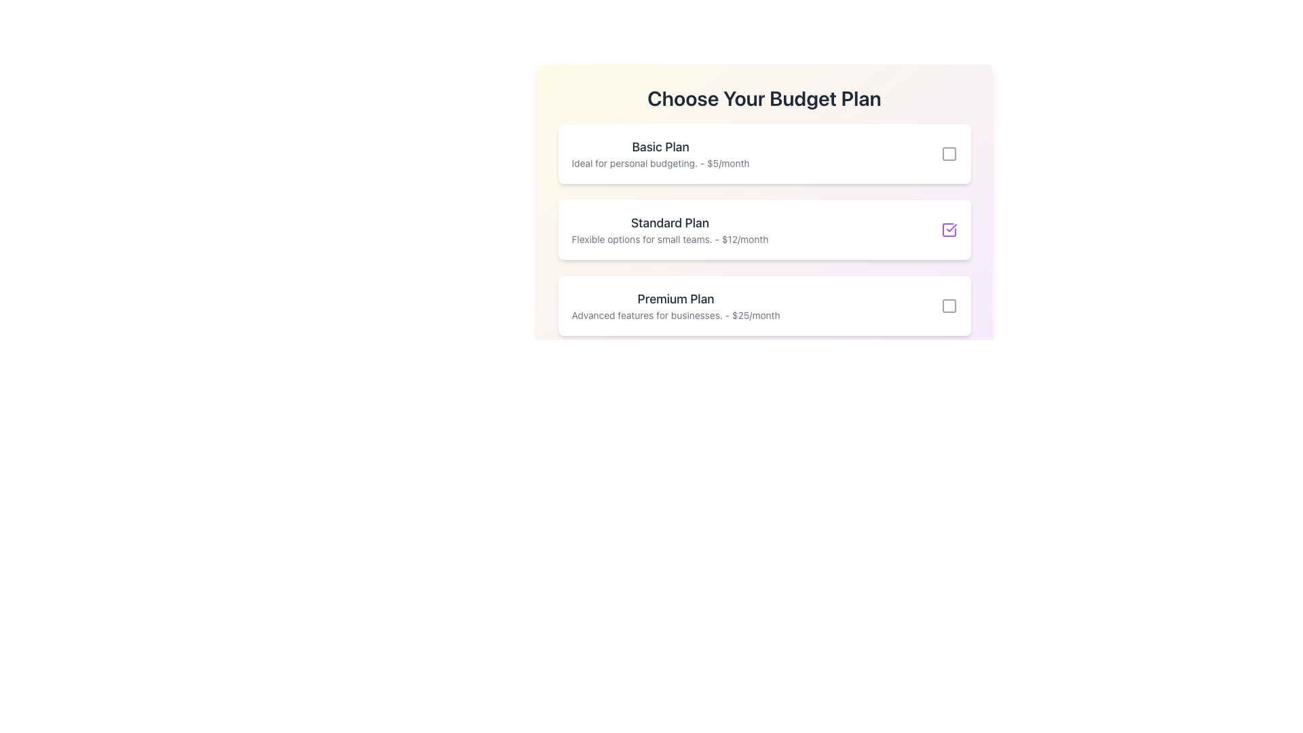 This screenshot has width=1303, height=733. Describe the element at coordinates (948, 153) in the screenshot. I see `the checkbox located at the far right of the 'Basic Plan' section` at that location.